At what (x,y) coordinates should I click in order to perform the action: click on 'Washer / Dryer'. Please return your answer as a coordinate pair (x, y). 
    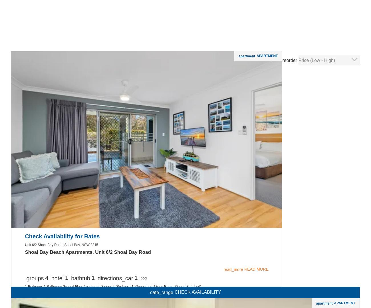
    Looking at the image, I should click on (185, 114).